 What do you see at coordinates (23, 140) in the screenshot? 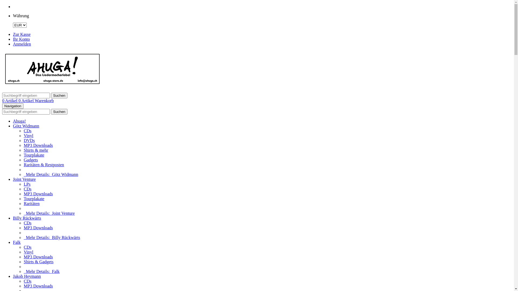
I see `'DVDs'` at bounding box center [23, 140].